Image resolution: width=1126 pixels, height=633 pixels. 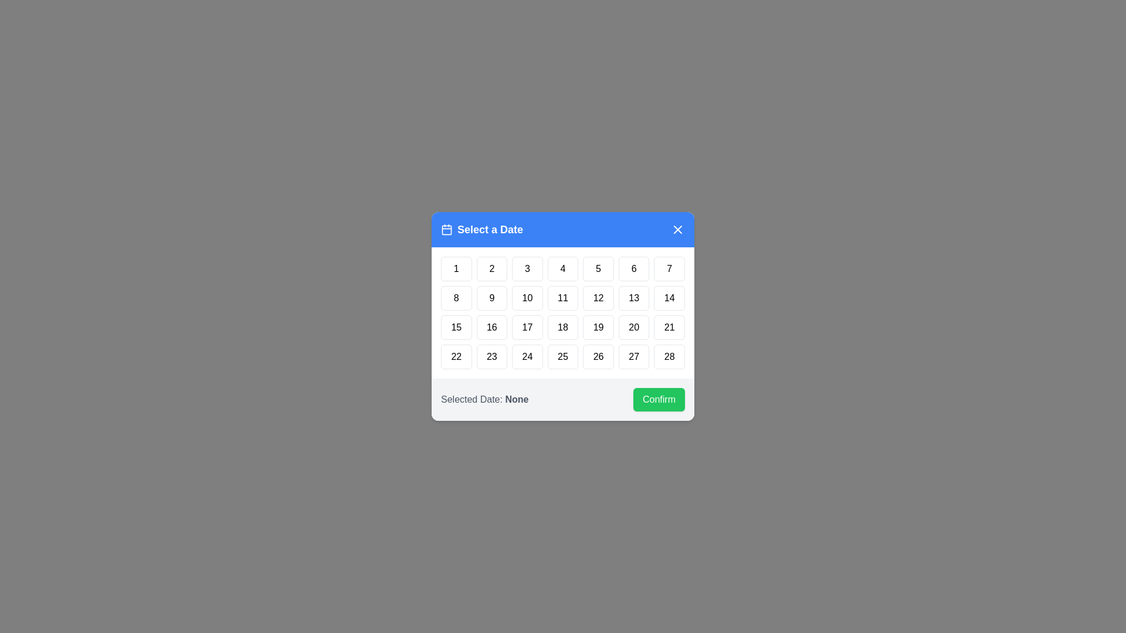 I want to click on the day button labeled 6 to highlight it, so click(x=633, y=269).